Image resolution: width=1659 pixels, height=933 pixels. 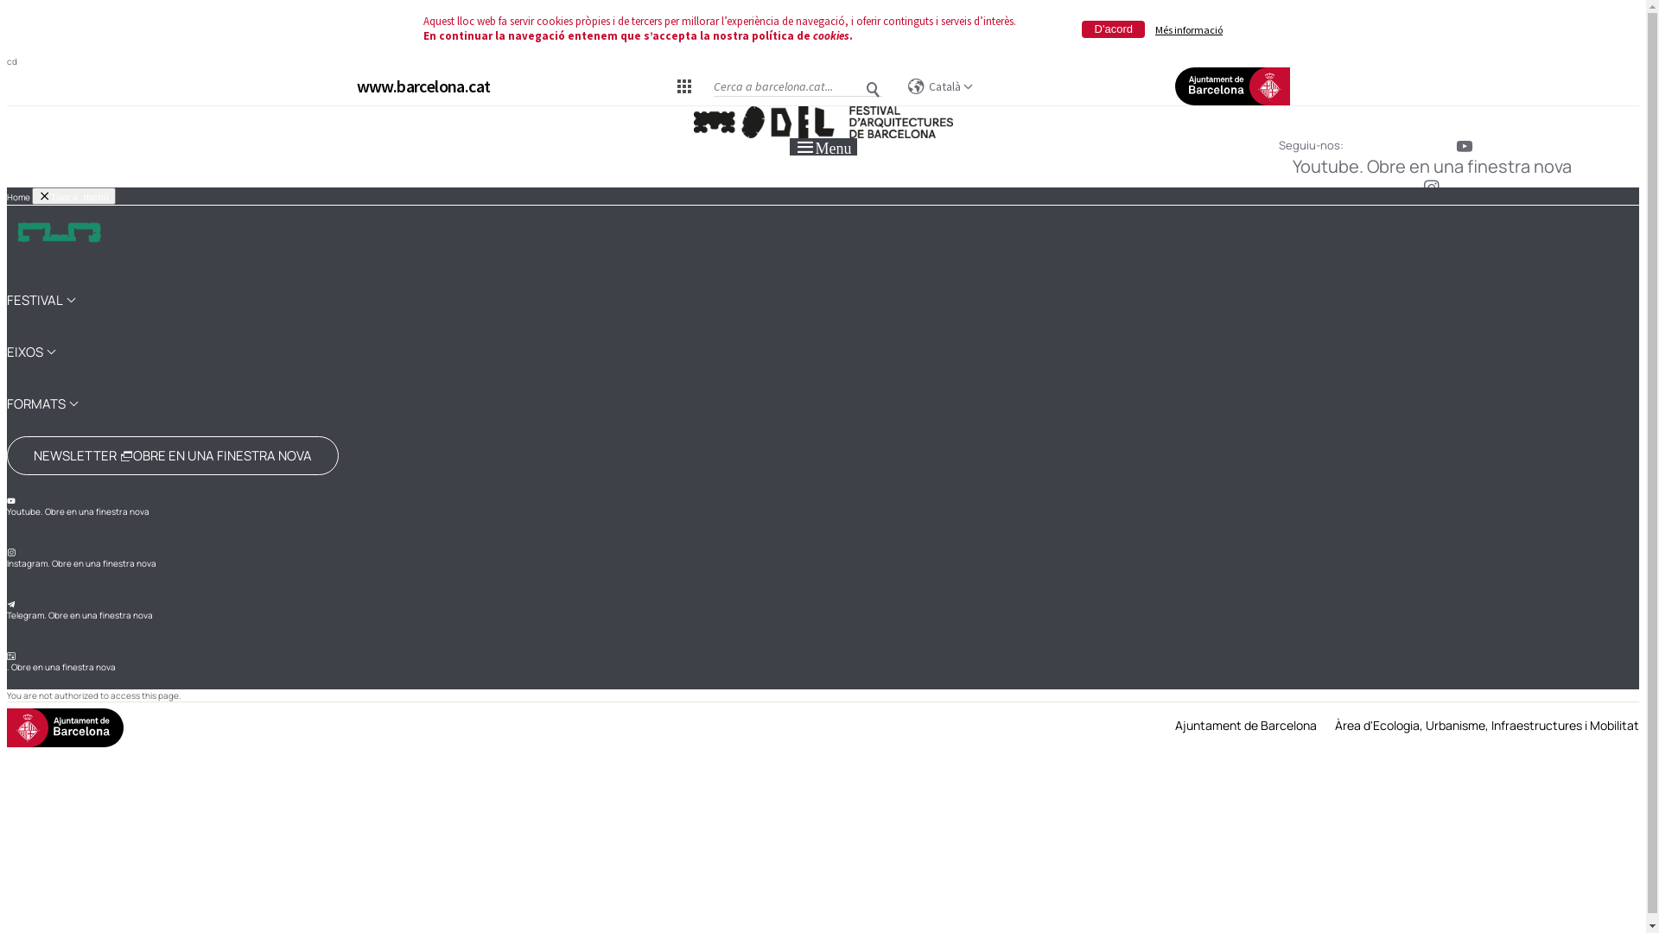 What do you see at coordinates (823, 145) in the screenshot?
I see `'Menu'` at bounding box center [823, 145].